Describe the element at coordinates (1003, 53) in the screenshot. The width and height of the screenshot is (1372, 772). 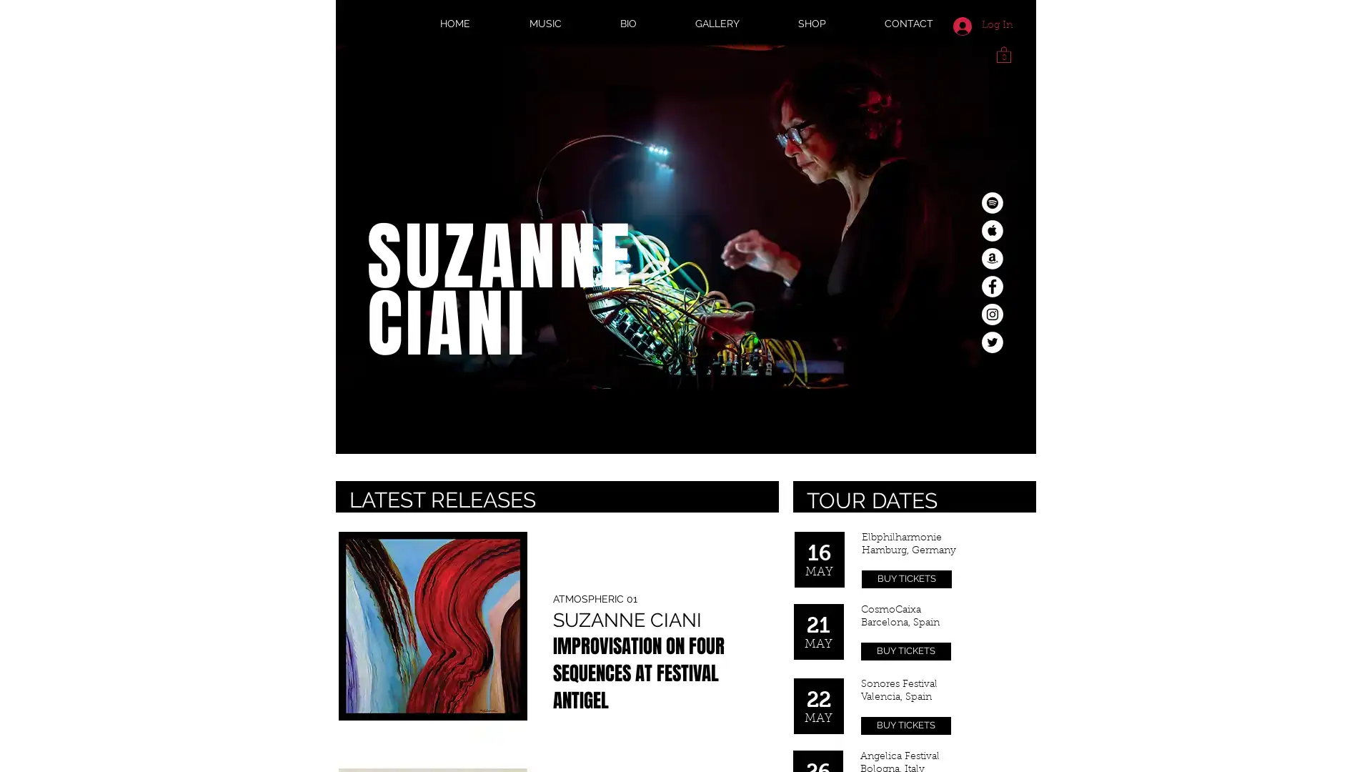
I see `Cart with 0 items` at that location.